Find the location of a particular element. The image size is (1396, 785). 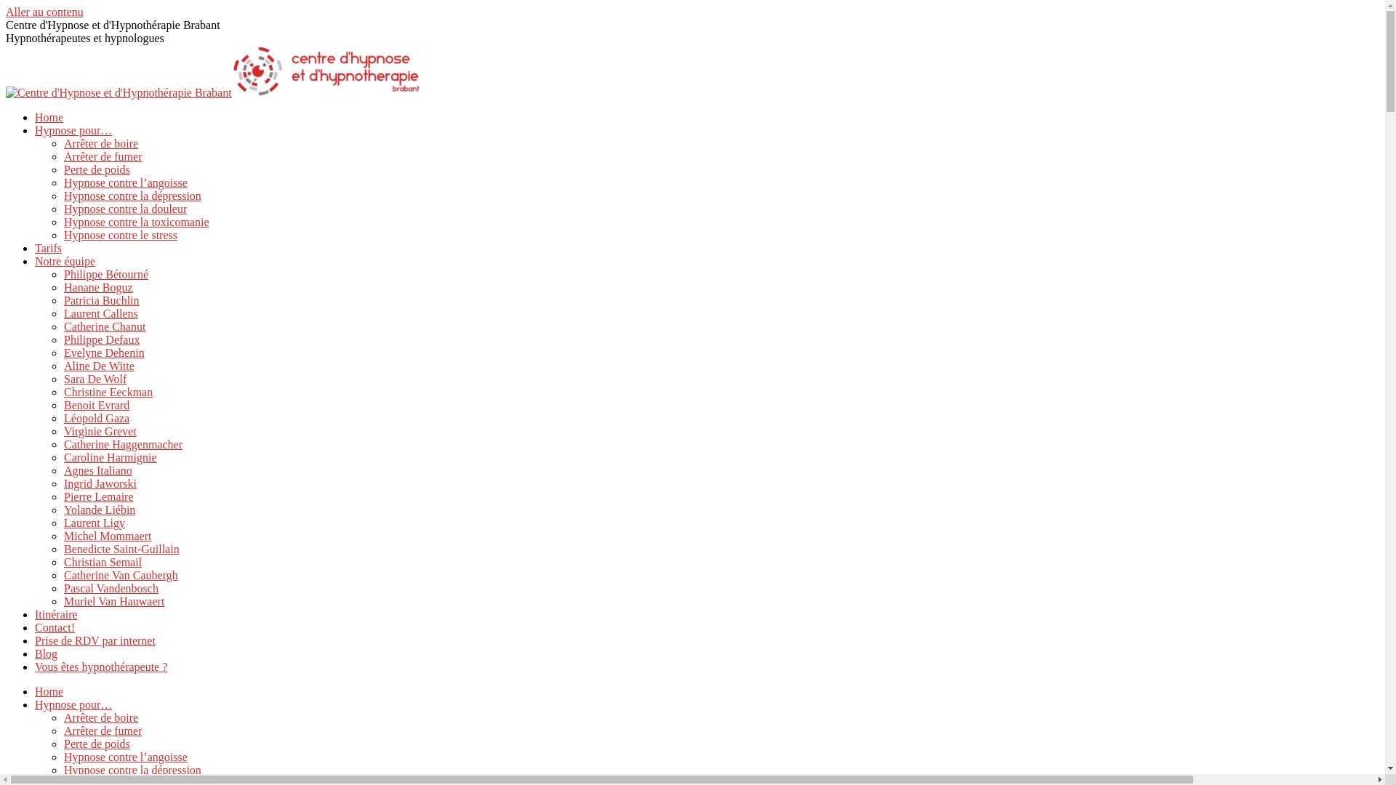

'Ingrid Jaworski' is located at coordinates (100, 483).